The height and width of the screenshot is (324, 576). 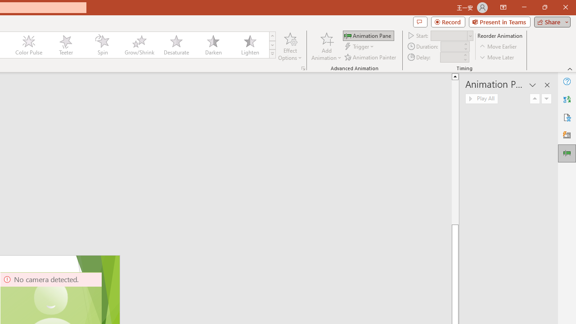 What do you see at coordinates (65, 45) in the screenshot?
I see `'Teeter'` at bounding box center [65, 45].